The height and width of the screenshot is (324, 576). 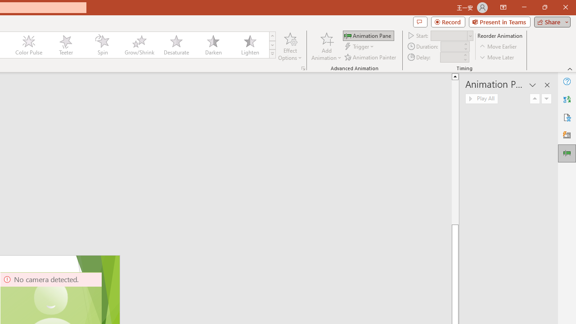 What do you see at coordinates (65, 45) in the screenshot?
I see `'Teeter'` at bounding box center [65, 45].